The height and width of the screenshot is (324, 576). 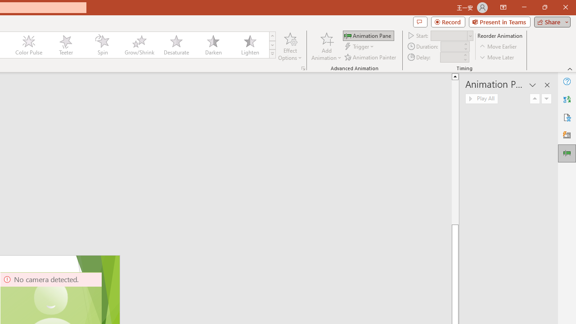 What do you see at coordinates (65, 45) in the screenshot?
I see `'Teeter'` at bounding box center [65, 45].